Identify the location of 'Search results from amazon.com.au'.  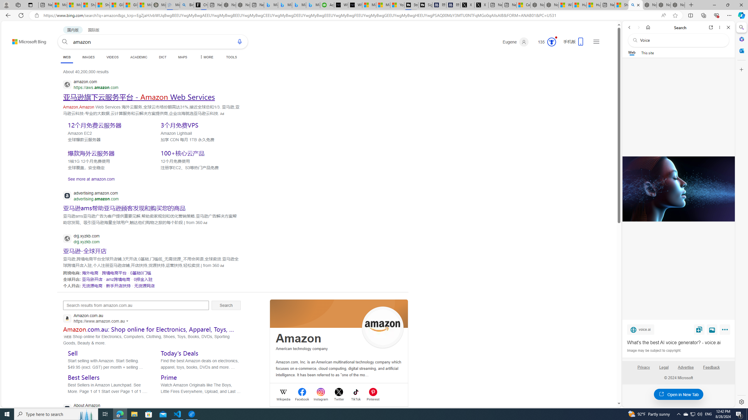
(136, 305).